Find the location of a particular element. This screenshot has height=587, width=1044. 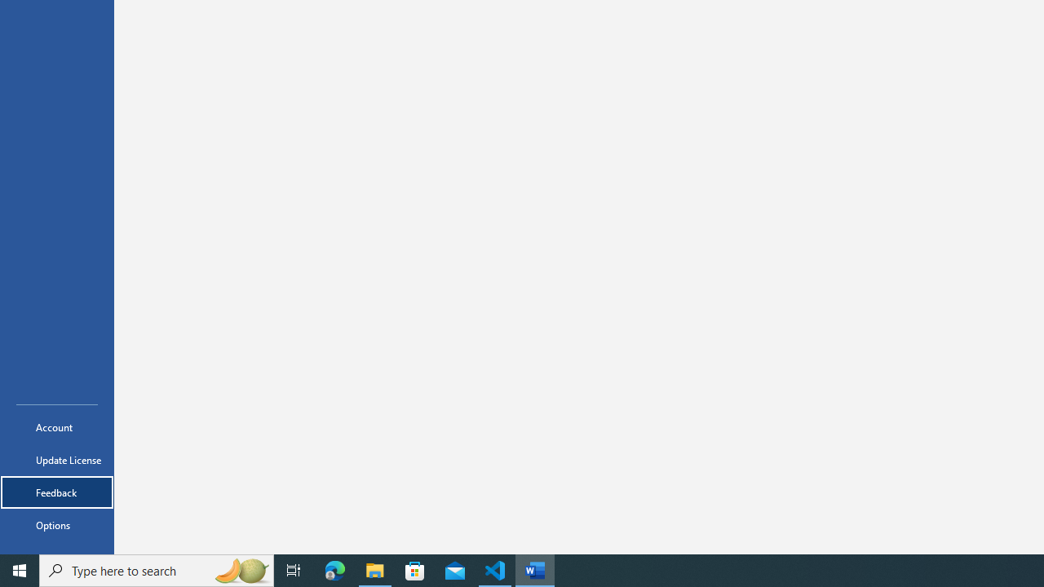

'Account' is located at coordinates (56, 426).